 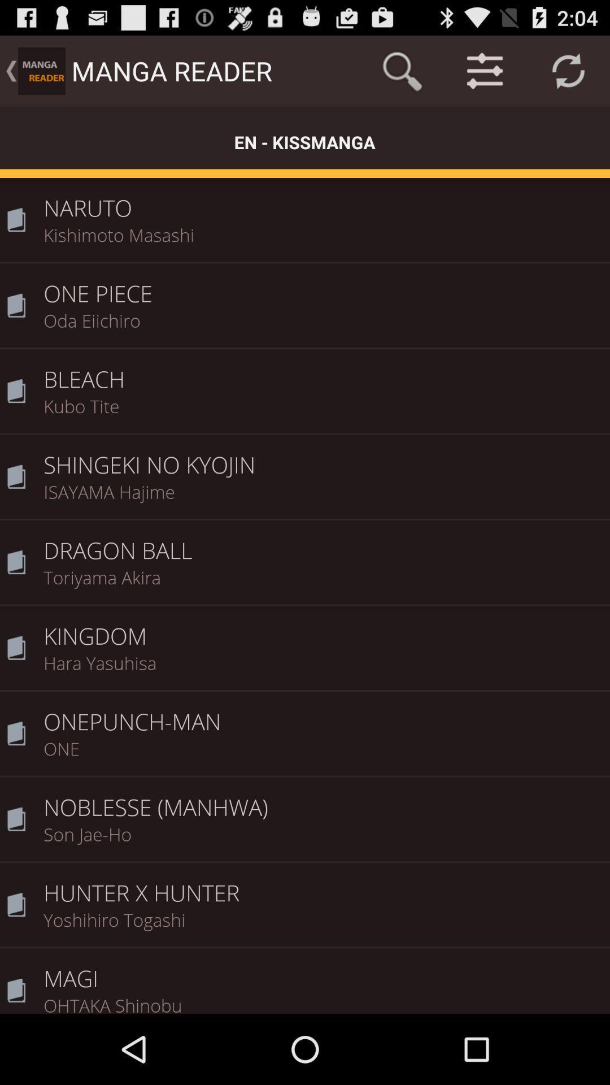 What do you see at coordinates (323, 200) in the screenshot?
I see `app below the en - kissmanga item` at bounding box center [323, 200].